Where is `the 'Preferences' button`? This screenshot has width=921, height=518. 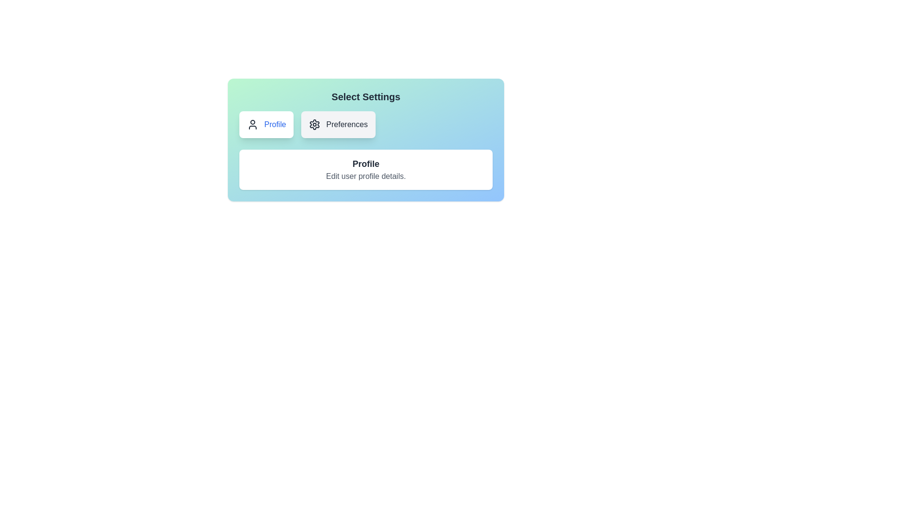
the 'Preferences' button is located at coordinates (338, 124).